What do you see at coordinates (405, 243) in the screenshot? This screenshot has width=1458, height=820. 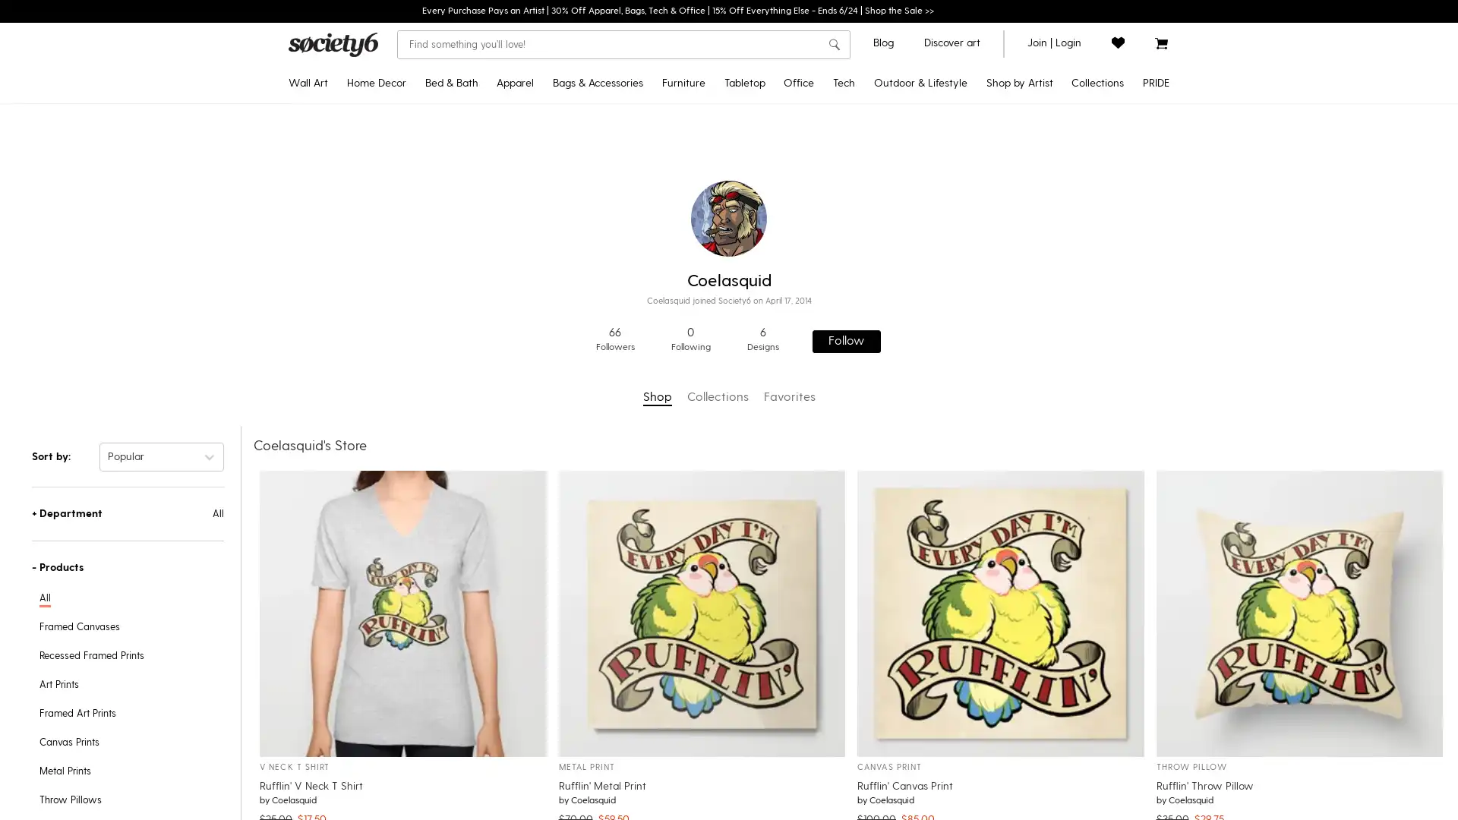 I see `Blackout Curtains` at bounding box center [405, 243].